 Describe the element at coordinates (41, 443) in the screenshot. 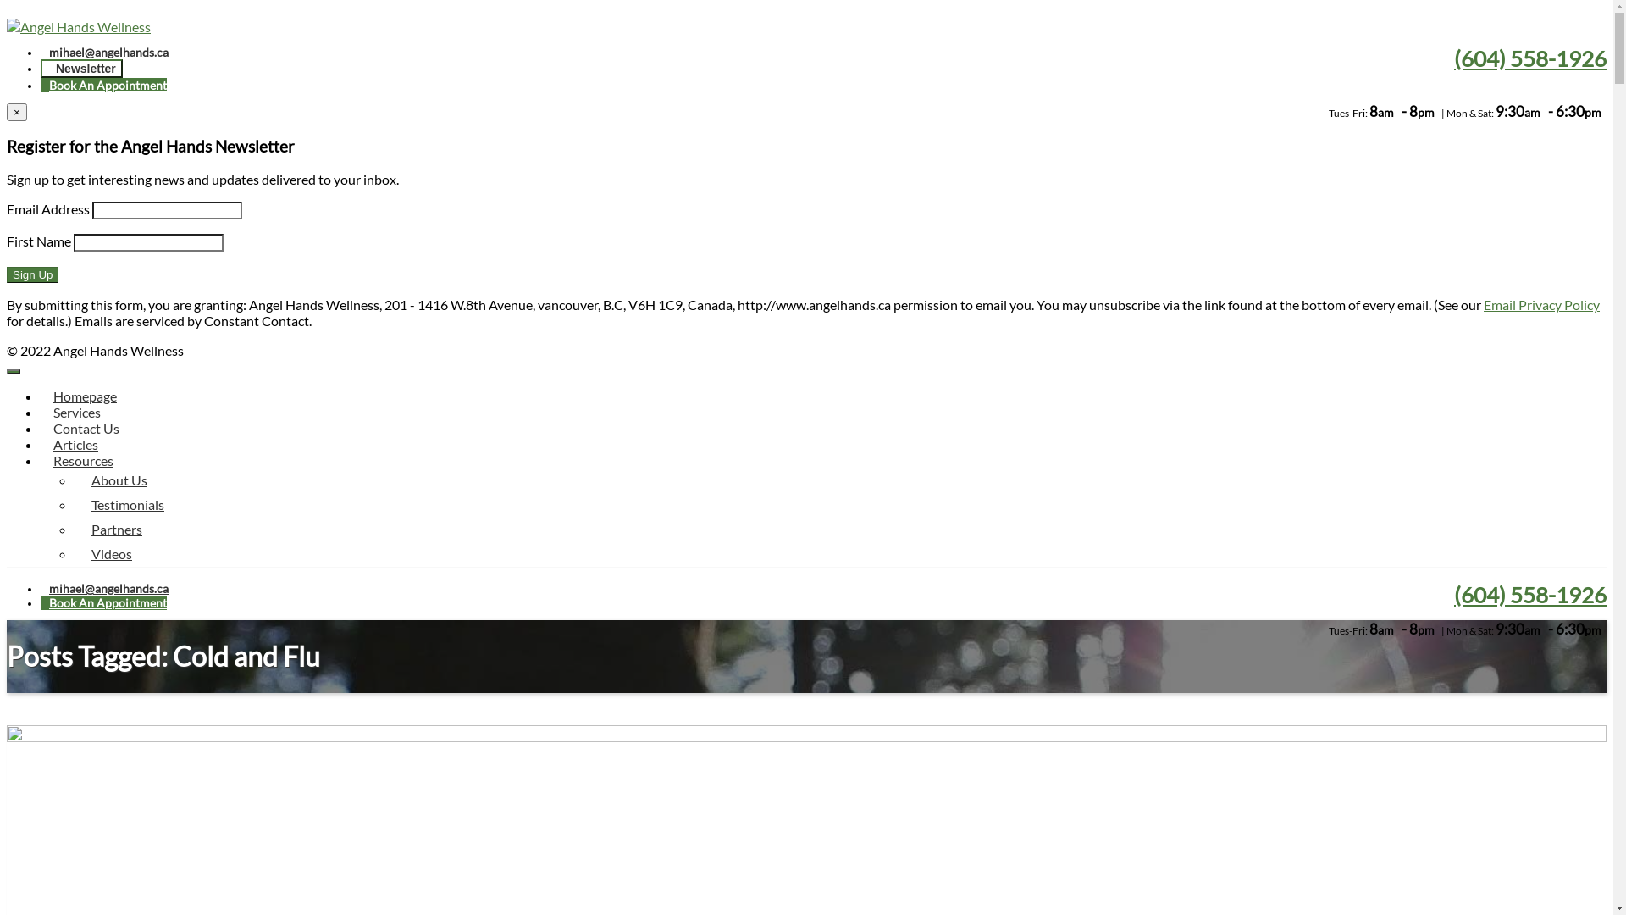

I see `'Articles'` at that location.